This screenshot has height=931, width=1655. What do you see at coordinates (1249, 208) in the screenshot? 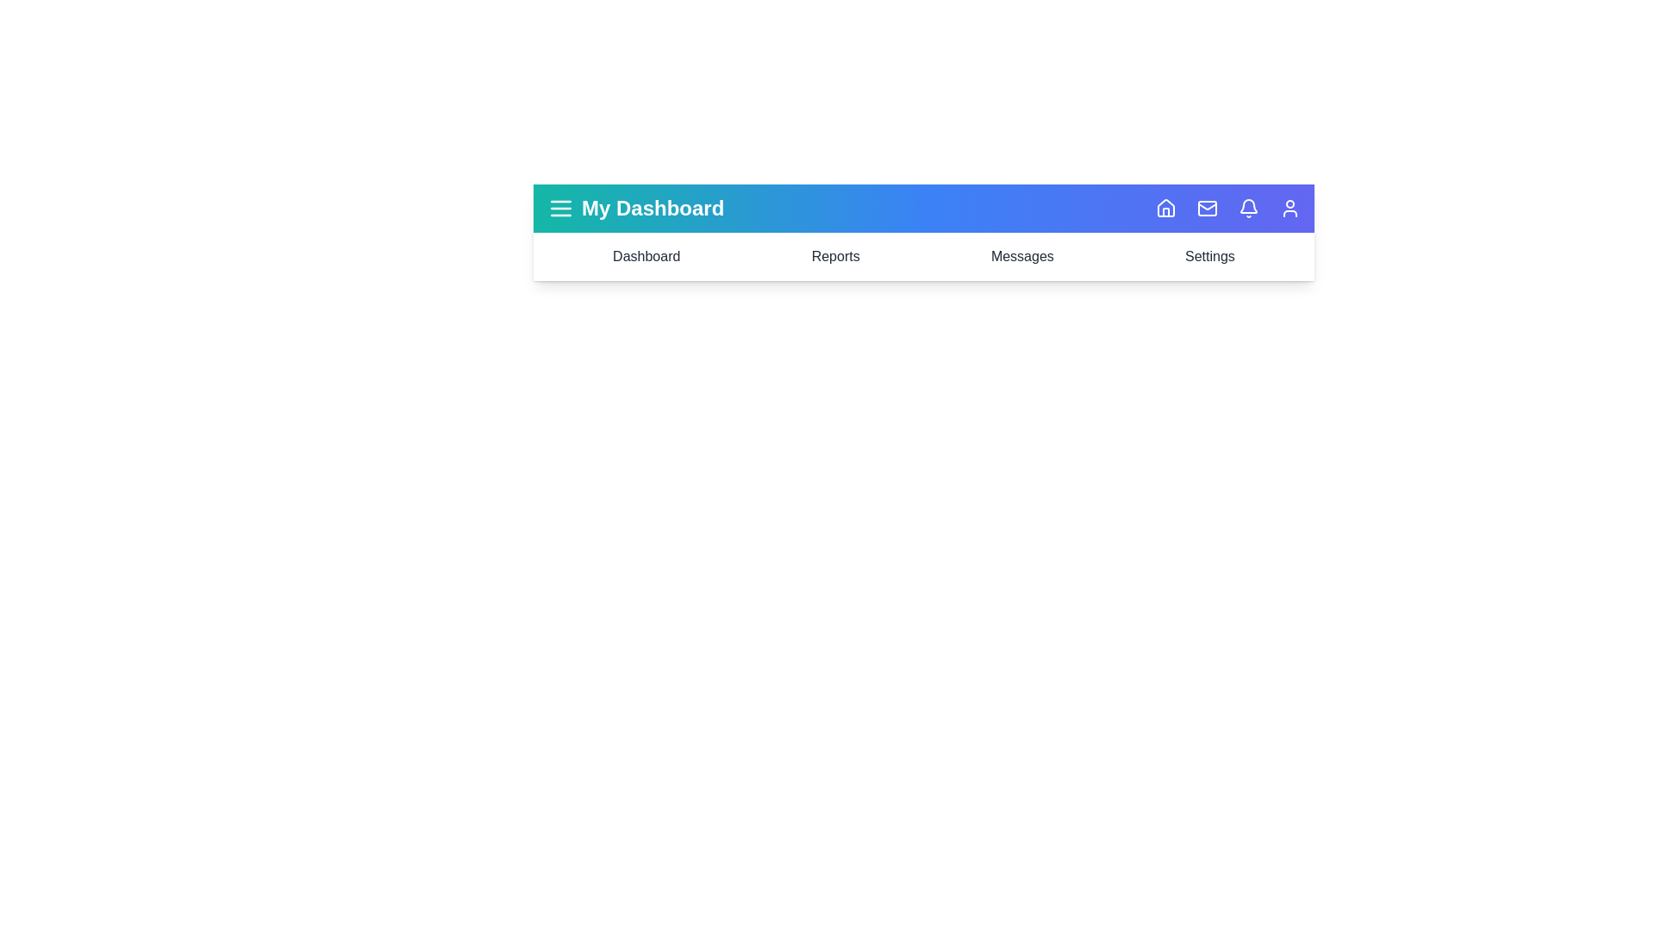
I see `the bell icon in the top bar` at bounding box center [1249, 208].